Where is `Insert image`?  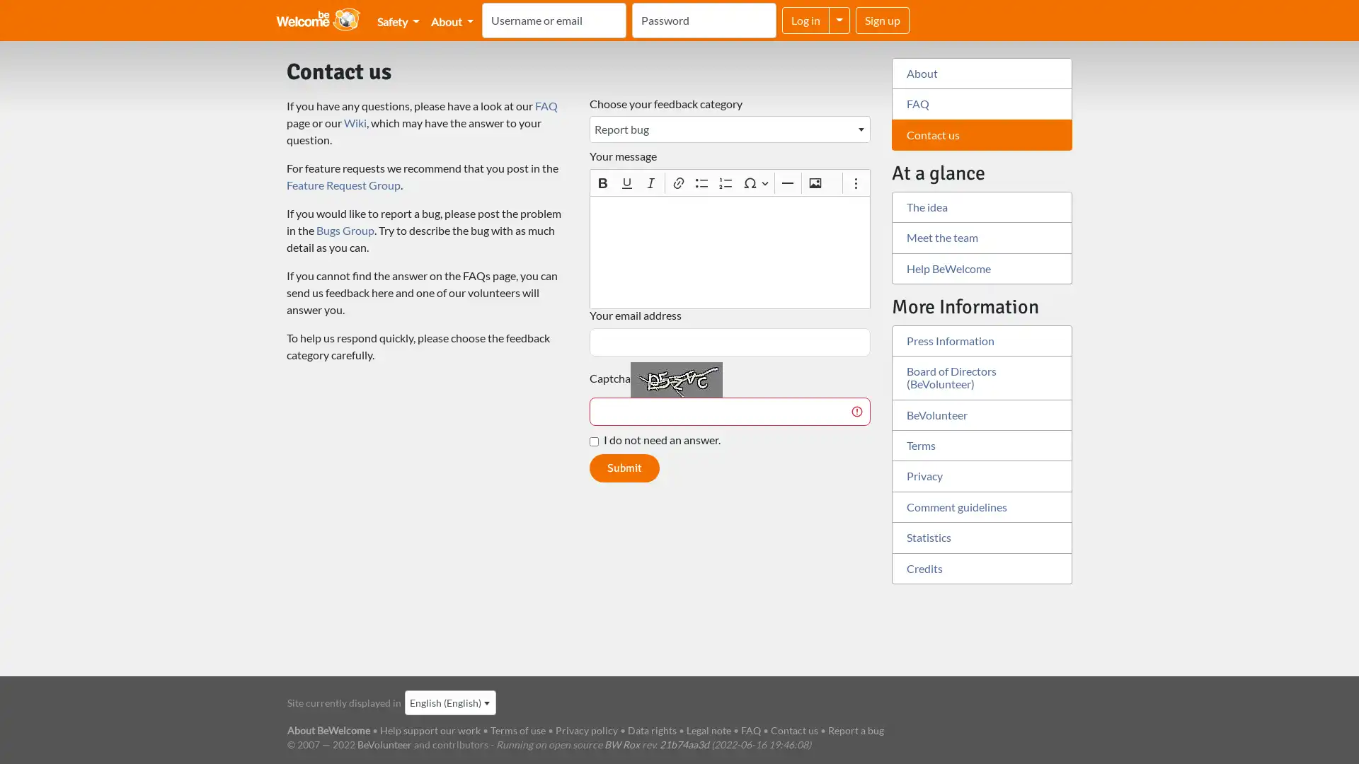
Insert image is located at coordinates (815, 182).